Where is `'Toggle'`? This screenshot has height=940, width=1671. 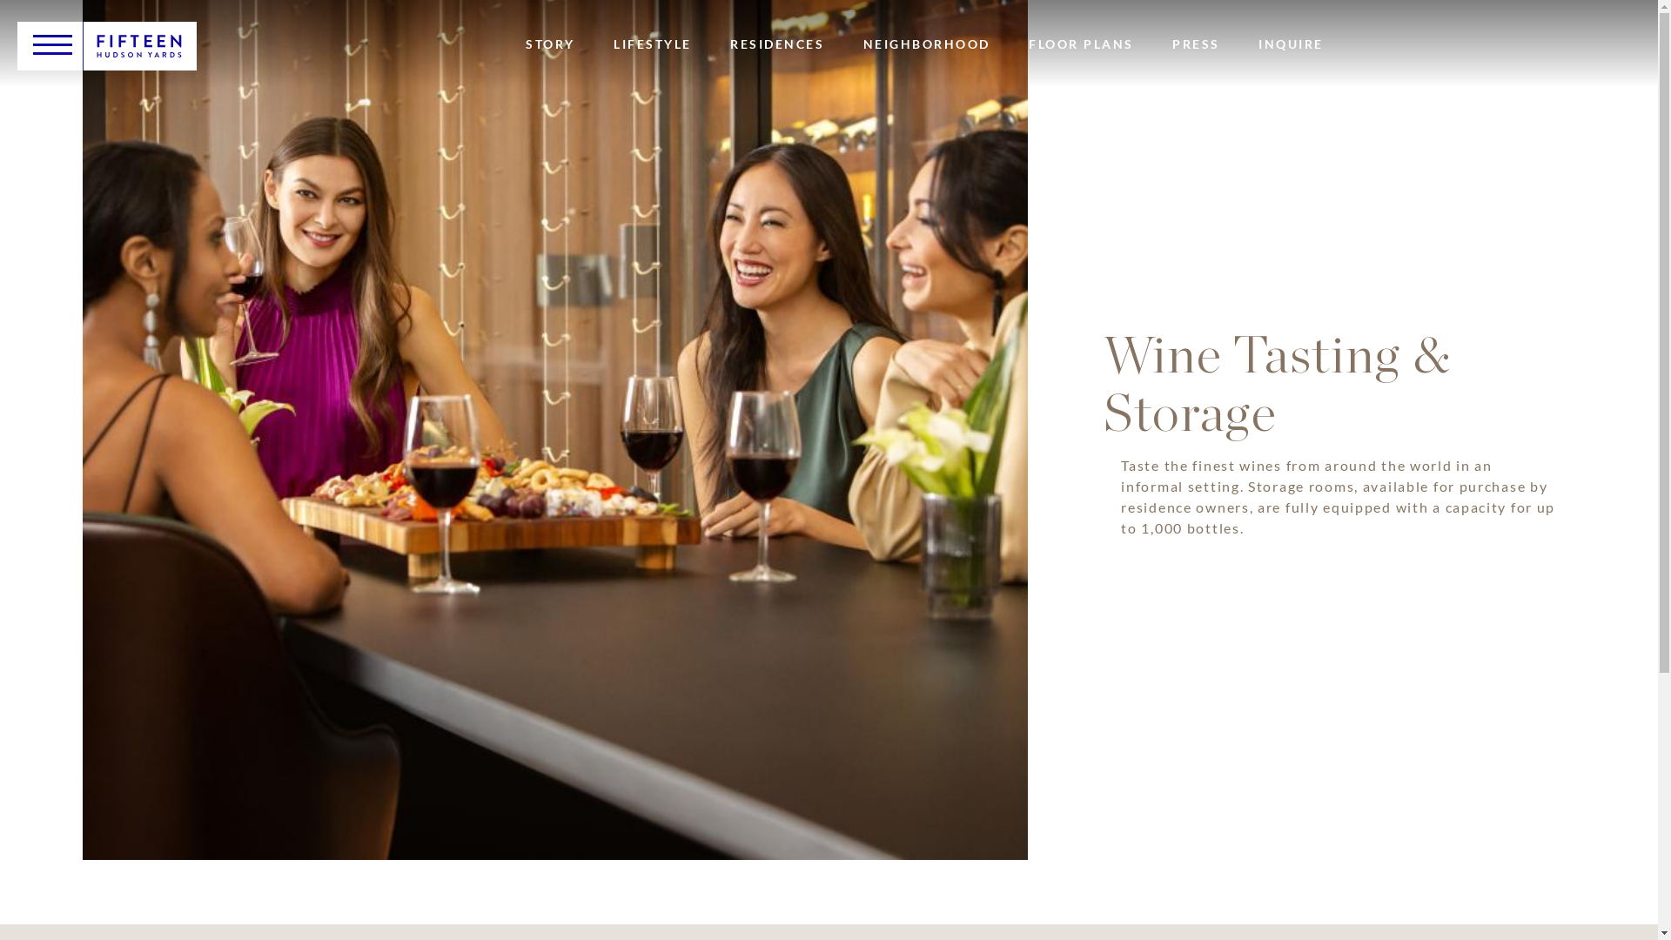 'Toggle' is located at coordinates (52, 44).